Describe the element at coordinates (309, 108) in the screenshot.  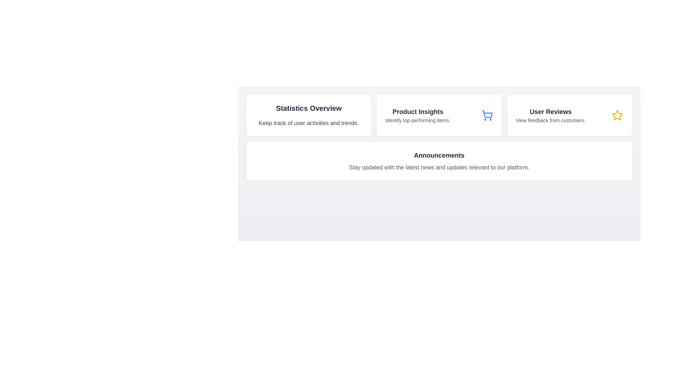
I see `the text label or heading that summarizes the content or functionality provided below, positioned at the top-left corner of the interface` at that location.